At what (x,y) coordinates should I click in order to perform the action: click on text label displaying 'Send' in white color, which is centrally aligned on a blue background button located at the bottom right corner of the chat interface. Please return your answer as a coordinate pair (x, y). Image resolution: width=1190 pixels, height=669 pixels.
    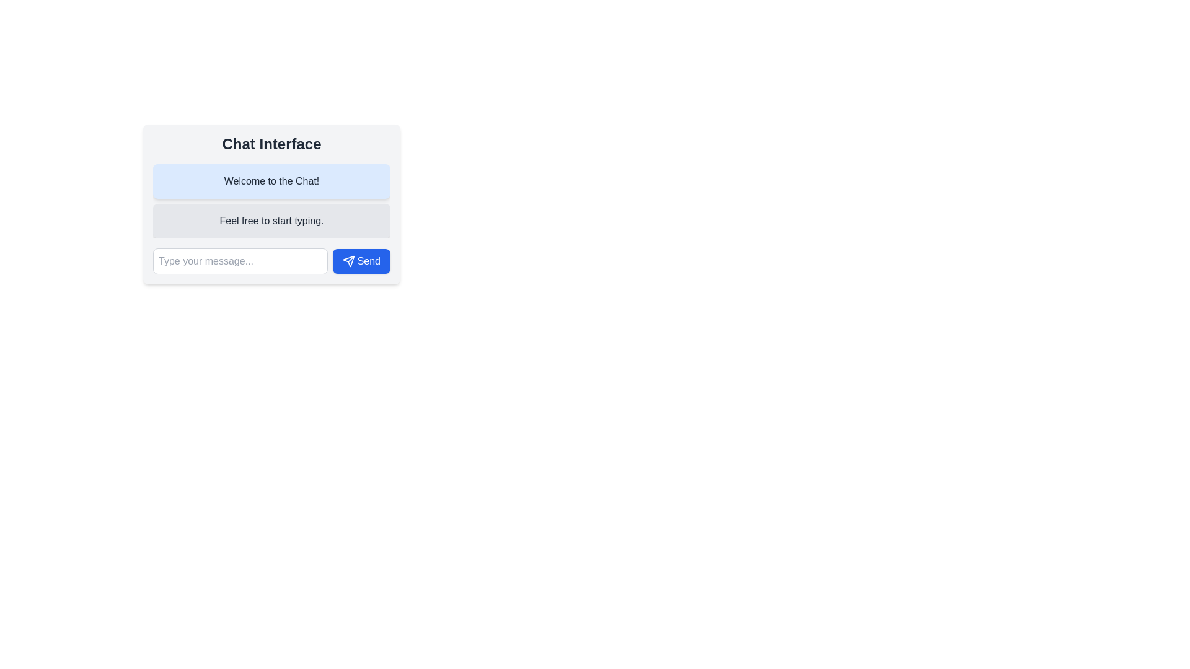
    Looking at the image, I should click on (368, 260).